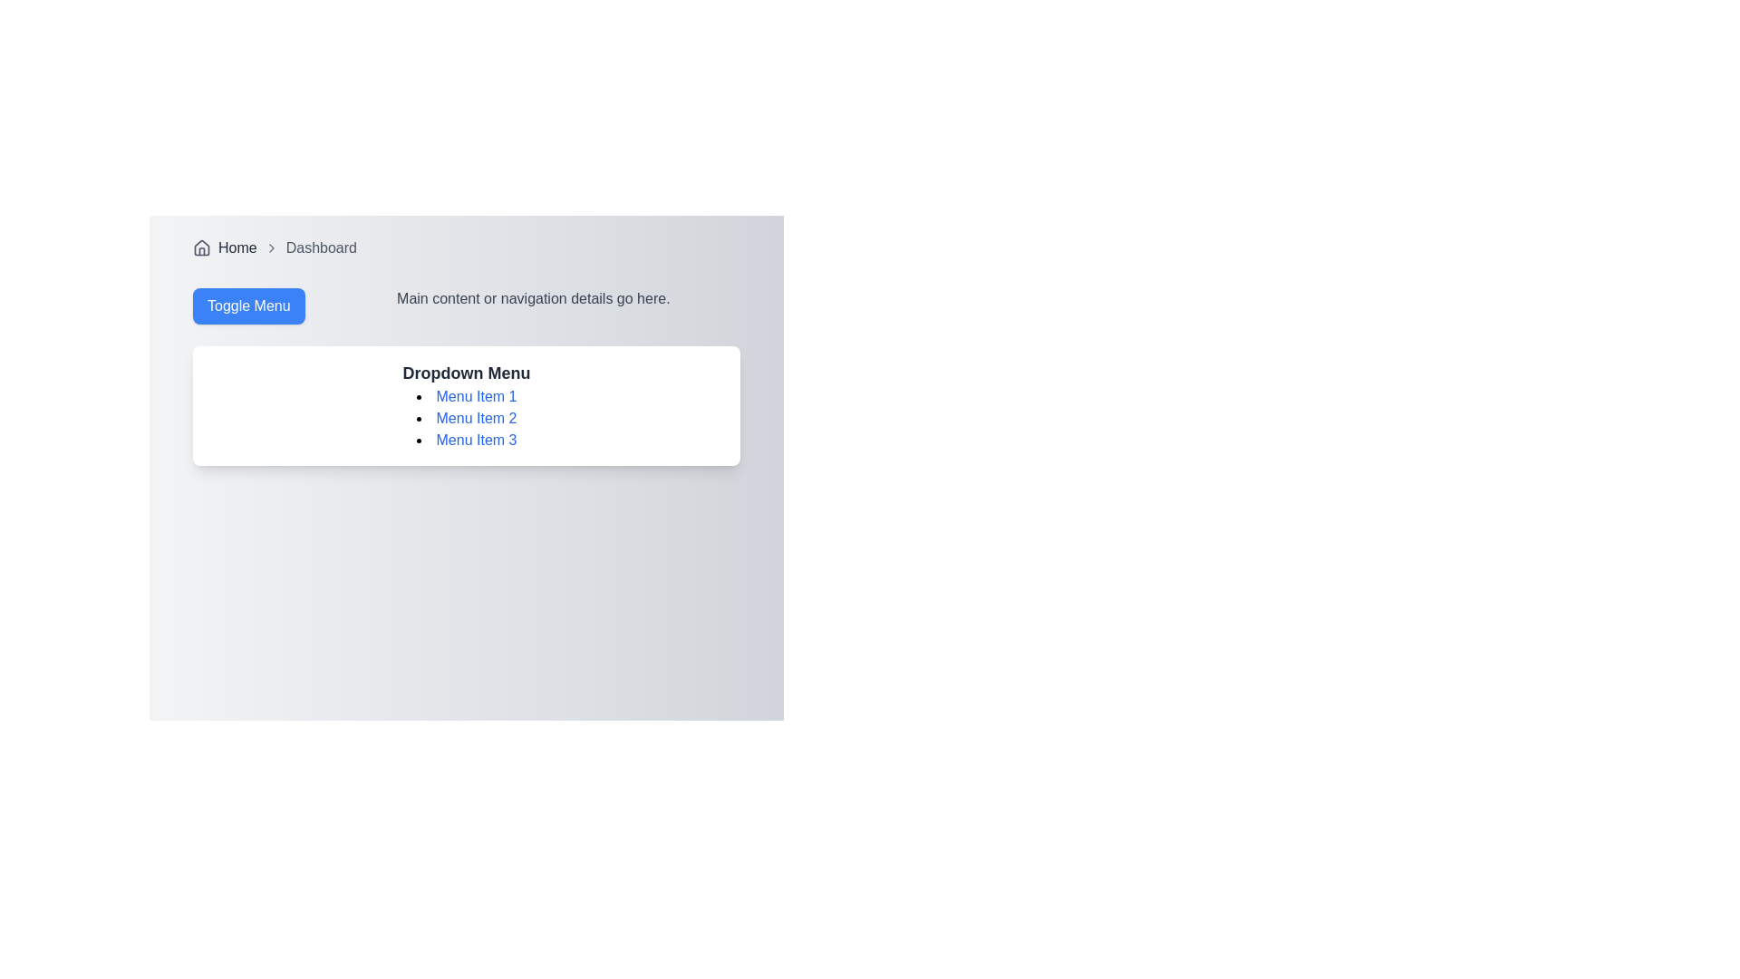  Describe the element at coordinates (466, 396) in the screenshot. I see `the text label displaying 'Menu Item 1' in the dropdown menu` at that location.